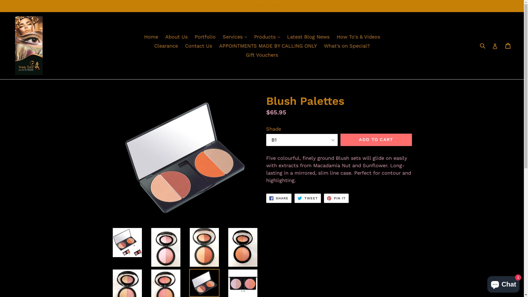  Describe the element at coordinates (205, 36) in the screenshot. I see `'Portfolio'` at that location.